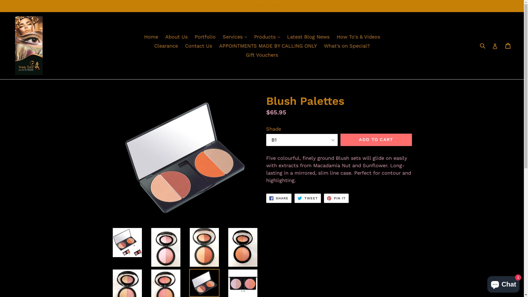  Describe the element at coordinates (205, 36) in the screenshot. I see `'Portfolio'` at that location.